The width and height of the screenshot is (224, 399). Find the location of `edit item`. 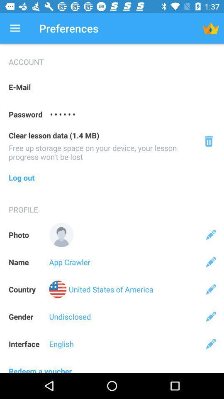

edit item is located at coordinates (211, 235).